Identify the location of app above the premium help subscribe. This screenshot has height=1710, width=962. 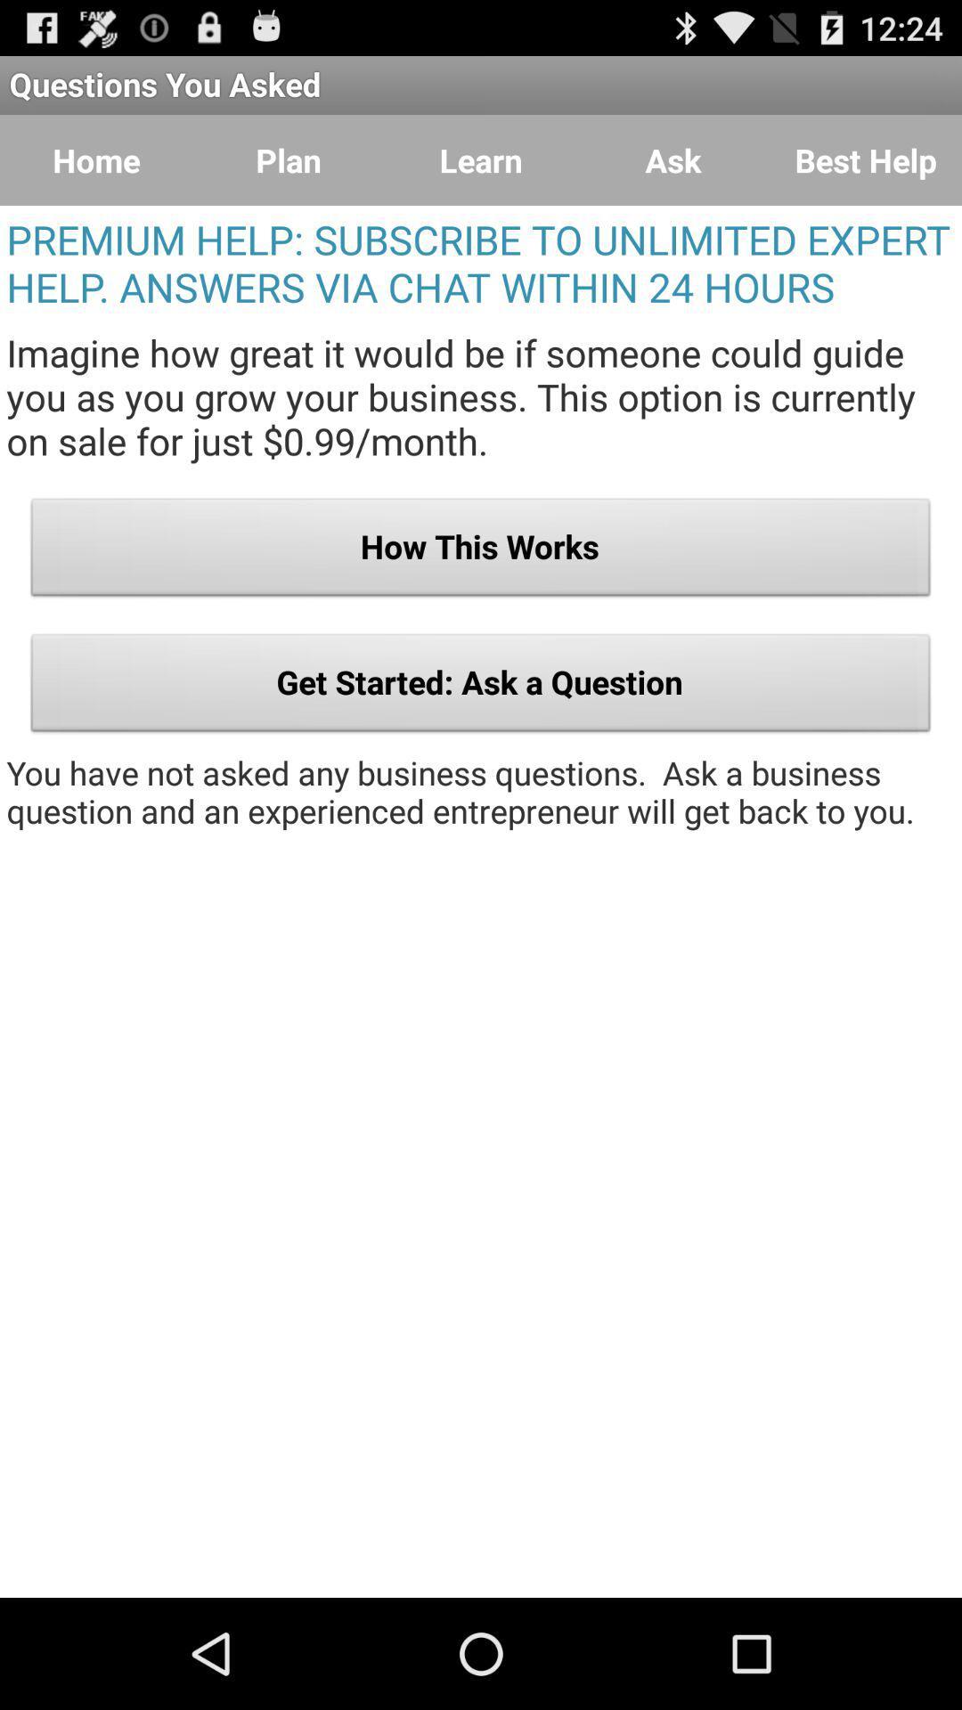
(481, 160).